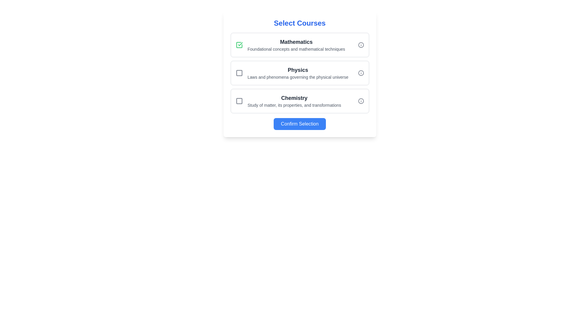 The height and width of the screenshot is (322, 573). What do you see at coordinates (361, 44) in the screenshot?
I see `the informational icon located in the upper-right corner of the 'Mathematics' list card` at bounding box center [361, 44].